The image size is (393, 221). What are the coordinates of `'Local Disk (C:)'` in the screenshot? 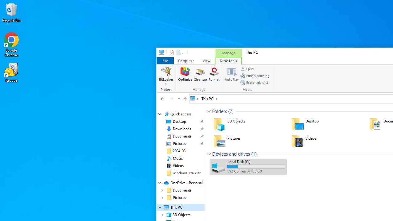 It's located at (248, 166).